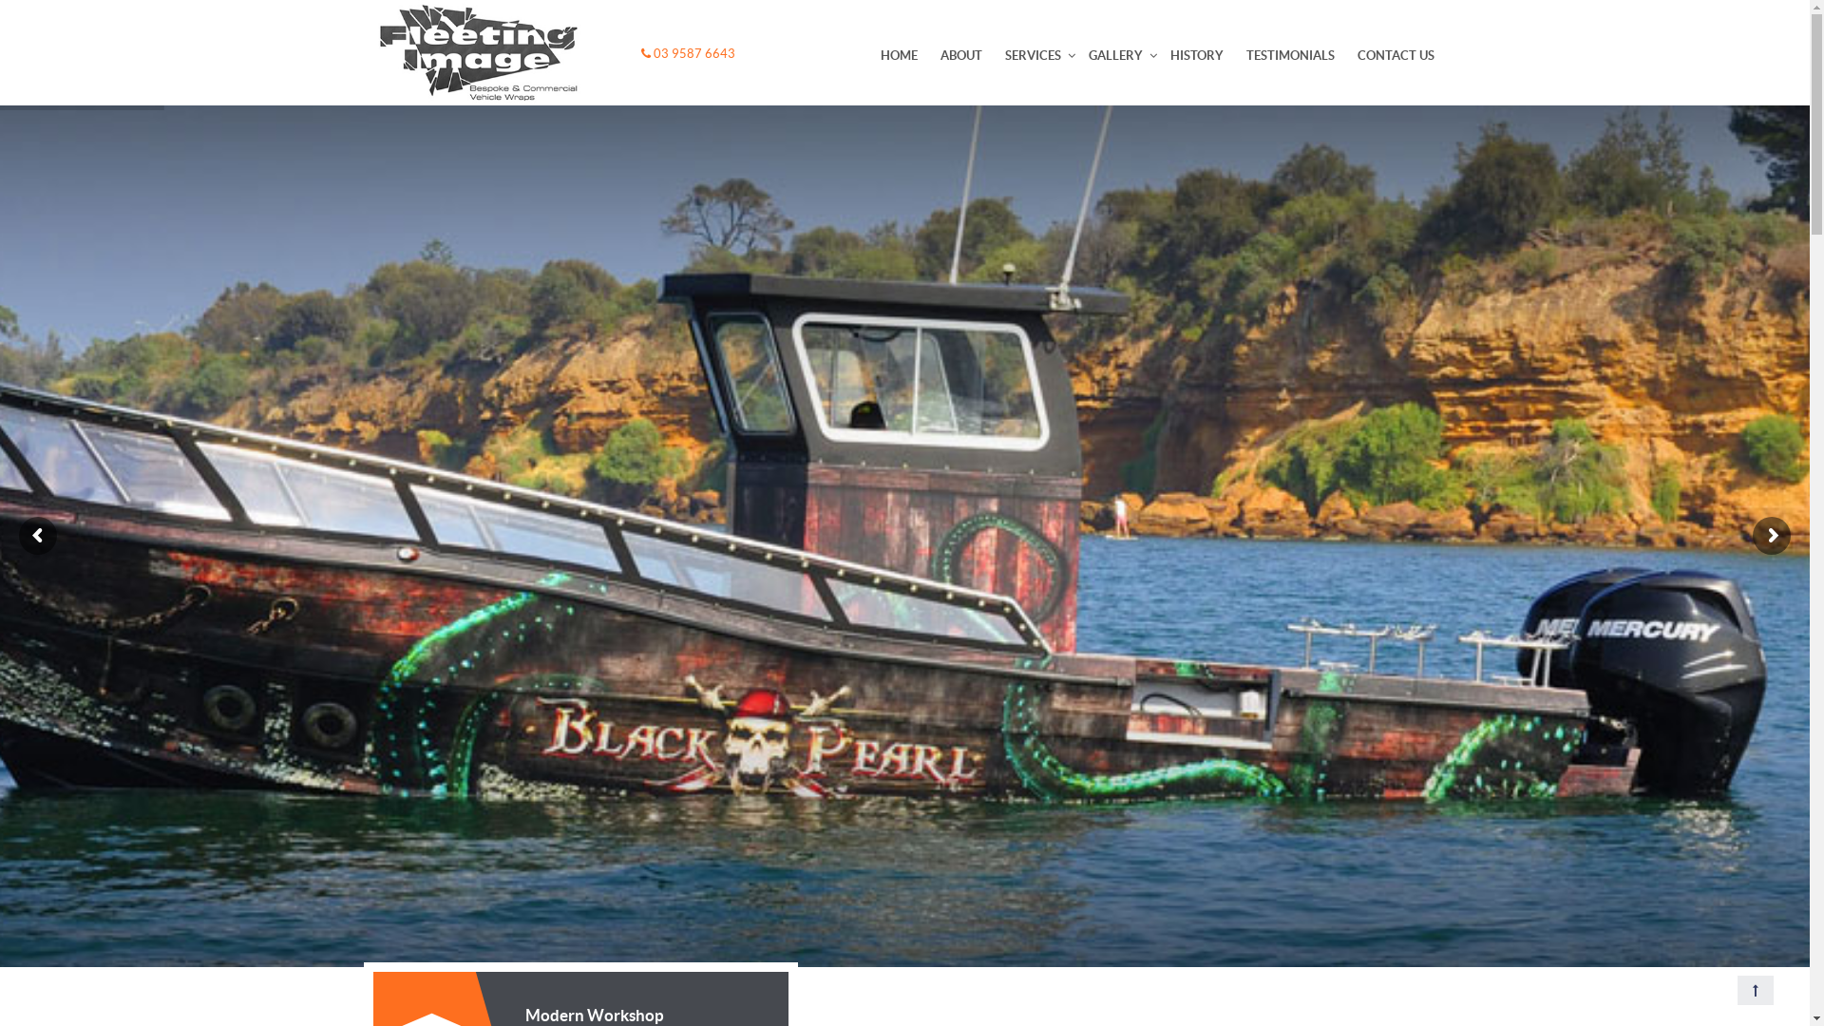 This screenshot has height=1026, width=1824. What do you see at coordinates (961, 54) in the screenshot?
I see `'ABOUT'` at bounding box center [961, 54].